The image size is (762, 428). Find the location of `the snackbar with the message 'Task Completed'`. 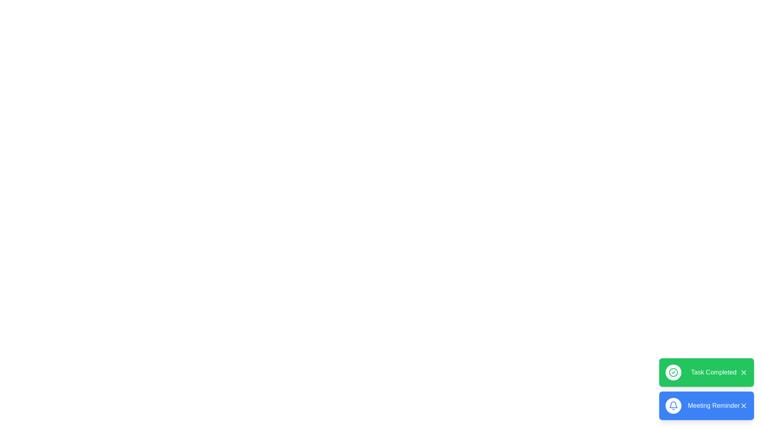

the snackbar with the message 'Task Completed' is located at coordinates (706, 373).